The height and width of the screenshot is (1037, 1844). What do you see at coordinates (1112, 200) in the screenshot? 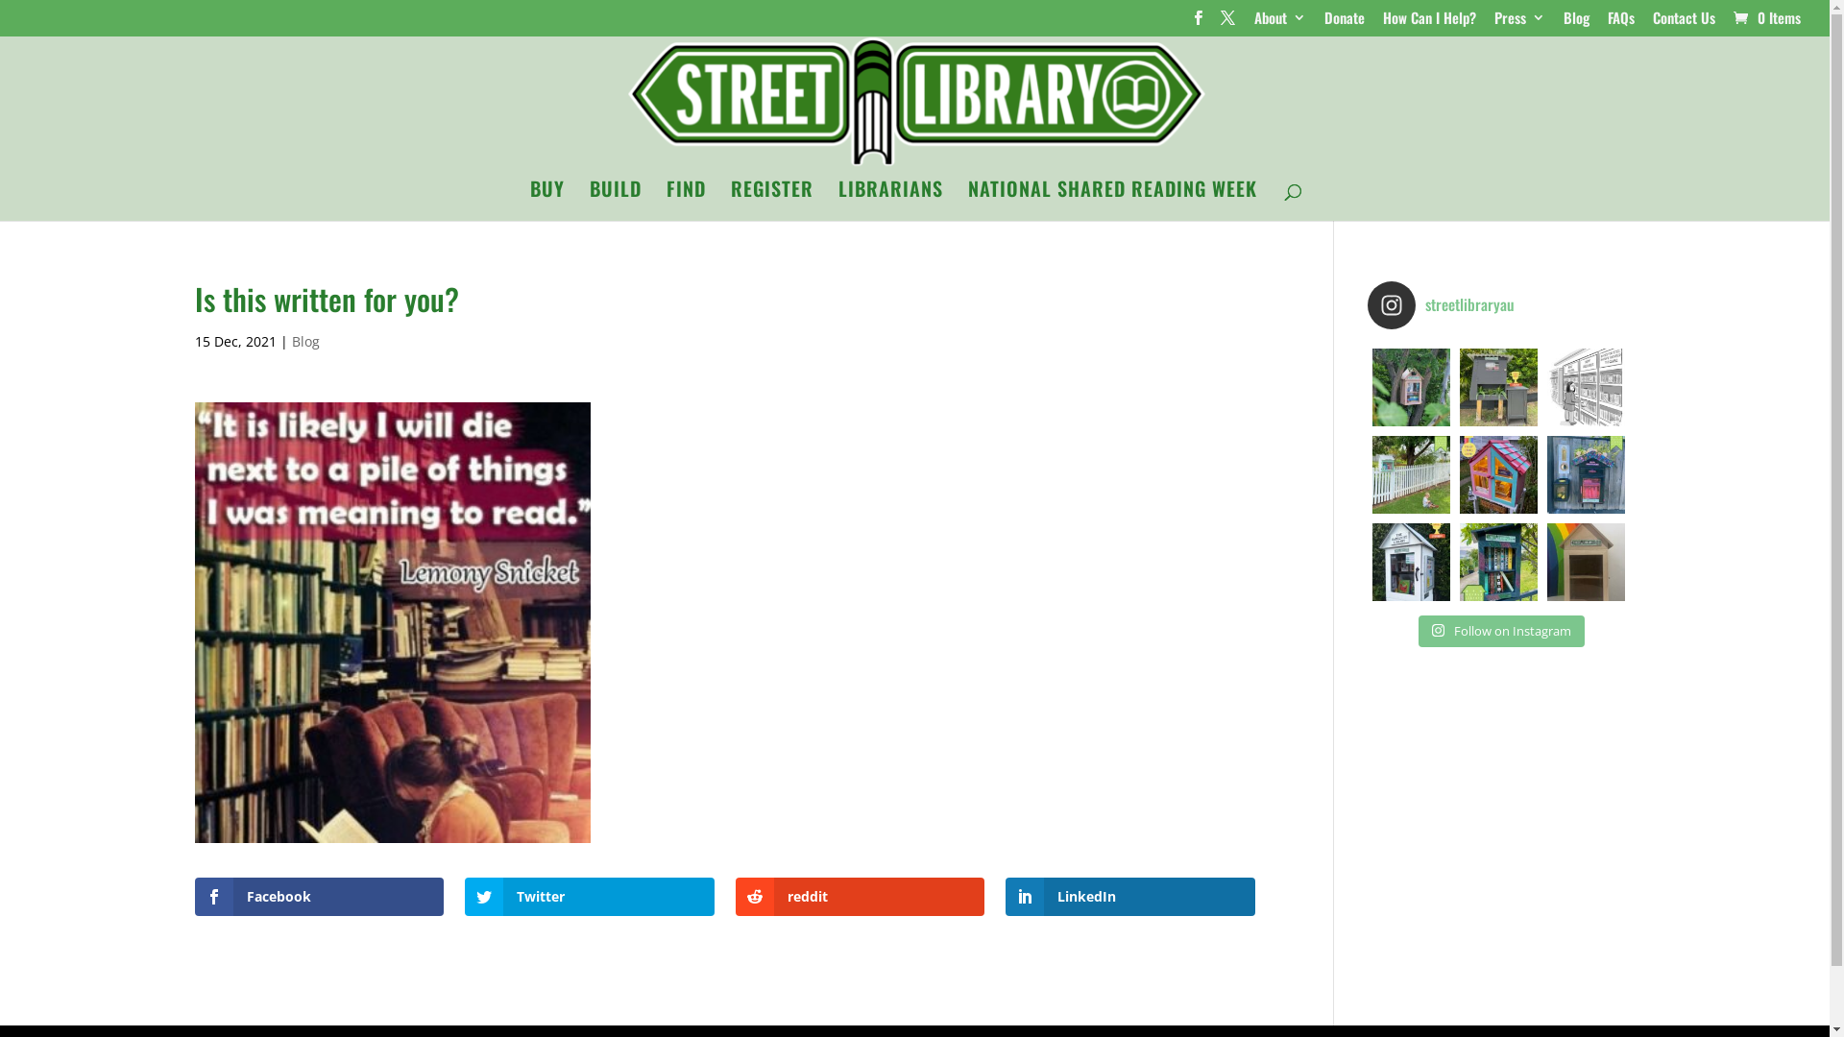
I see `'NATIONAL SHARED READING WEEK'` at bounding box center [1112, 200].